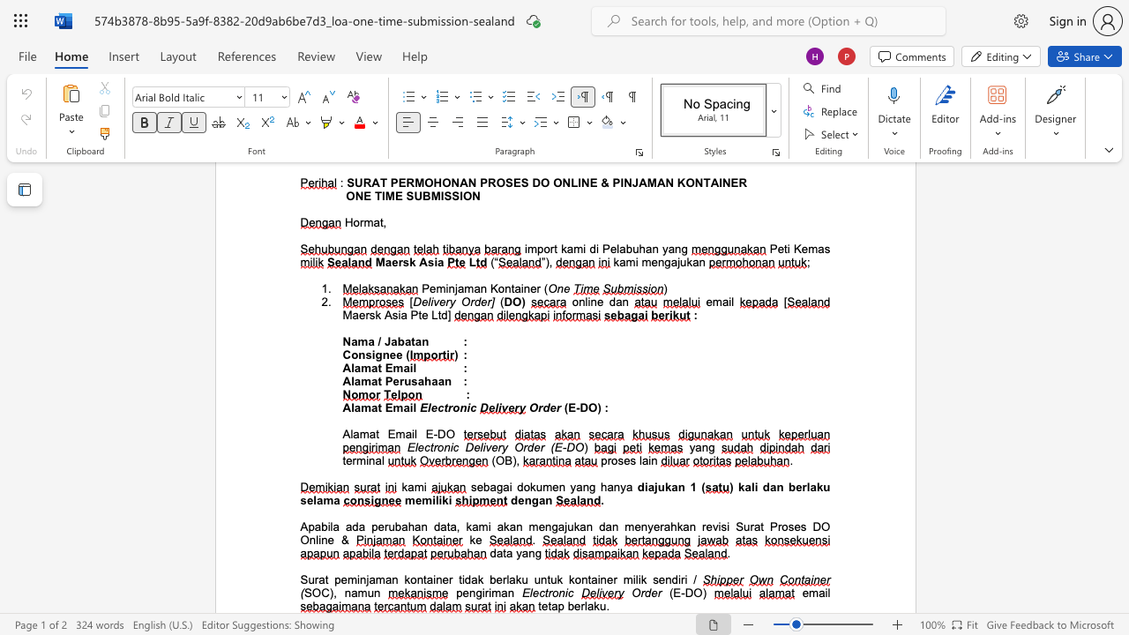  What do you see at coordinates (557, 605) in the screenshot?
I see `the subset text "p b" within the text "tetap berlaku."` at bounding box center [557, 605].